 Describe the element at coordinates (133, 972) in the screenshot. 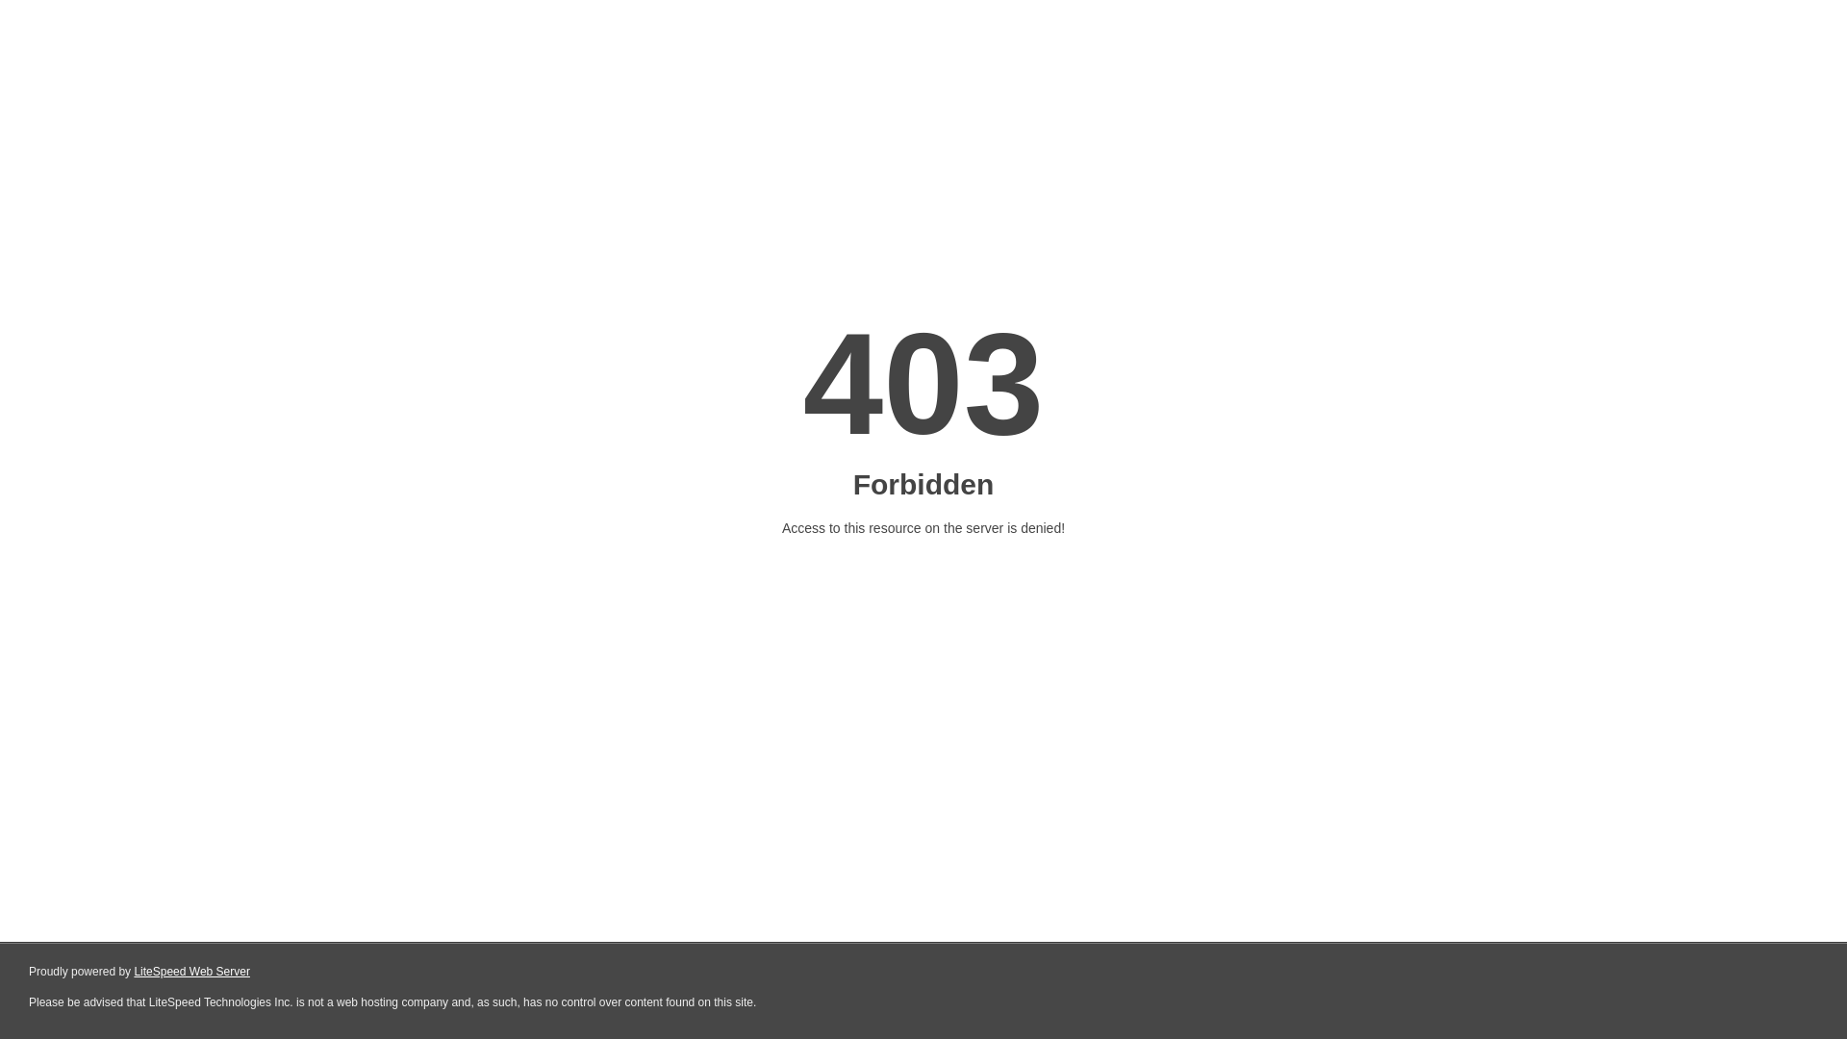

I see `'LiteSpeed Web Server'` at that location.